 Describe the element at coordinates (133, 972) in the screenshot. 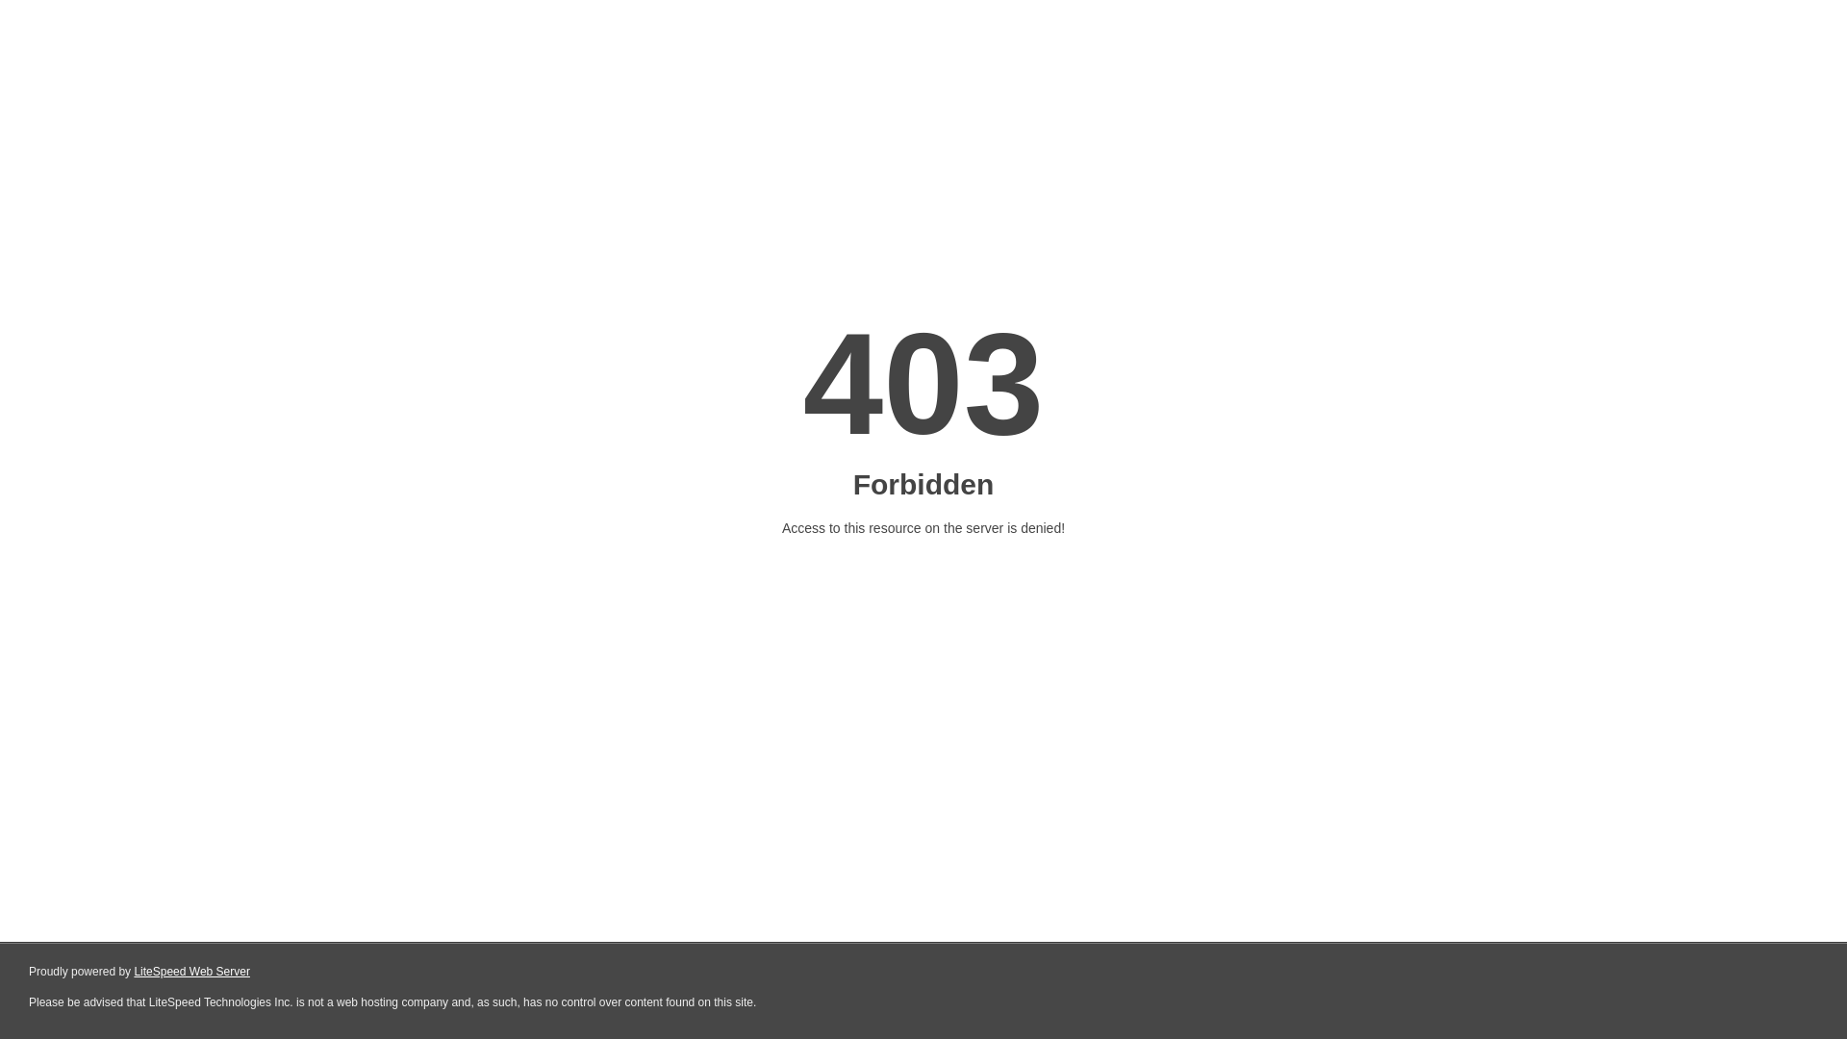

I see `'LiteSpeed Web Server'` at that location.